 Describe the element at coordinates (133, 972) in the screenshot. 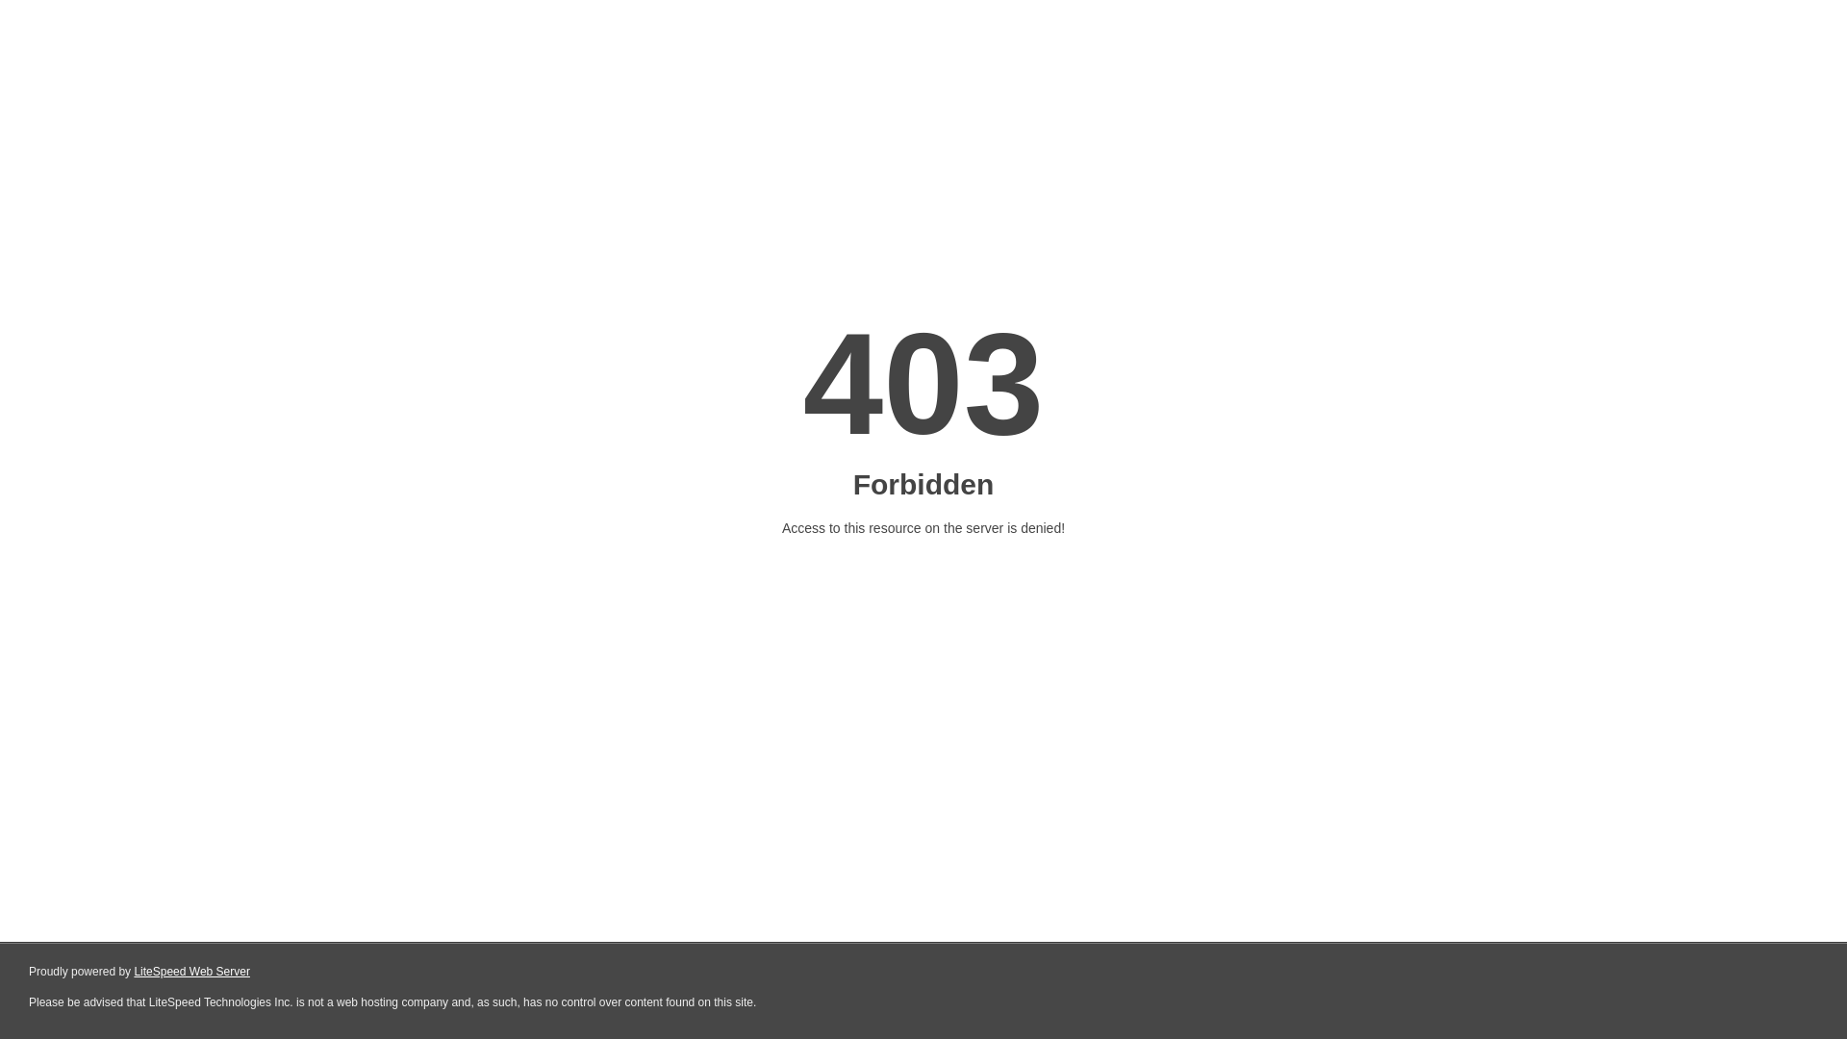

I see `'LiteSpeed Web Server'` at that location.